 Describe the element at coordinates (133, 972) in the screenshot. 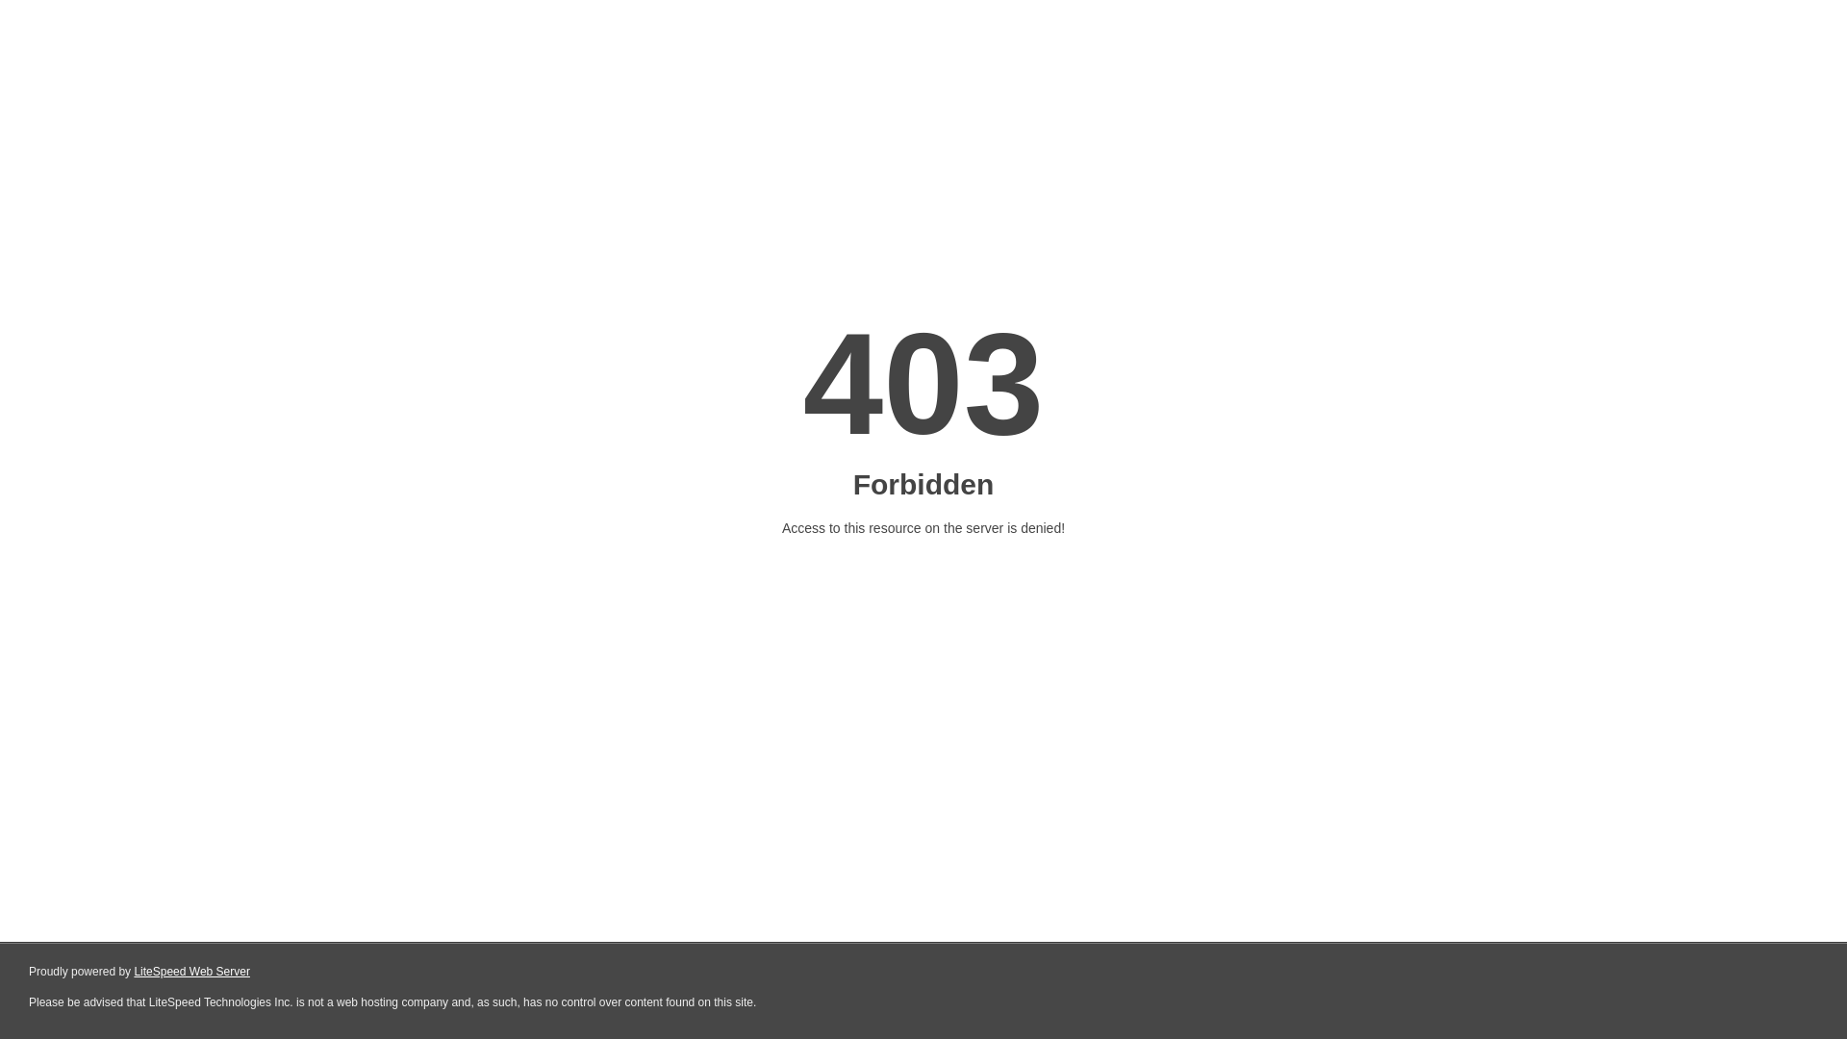

I see `'LiteSpeed Web Server'` at that location.